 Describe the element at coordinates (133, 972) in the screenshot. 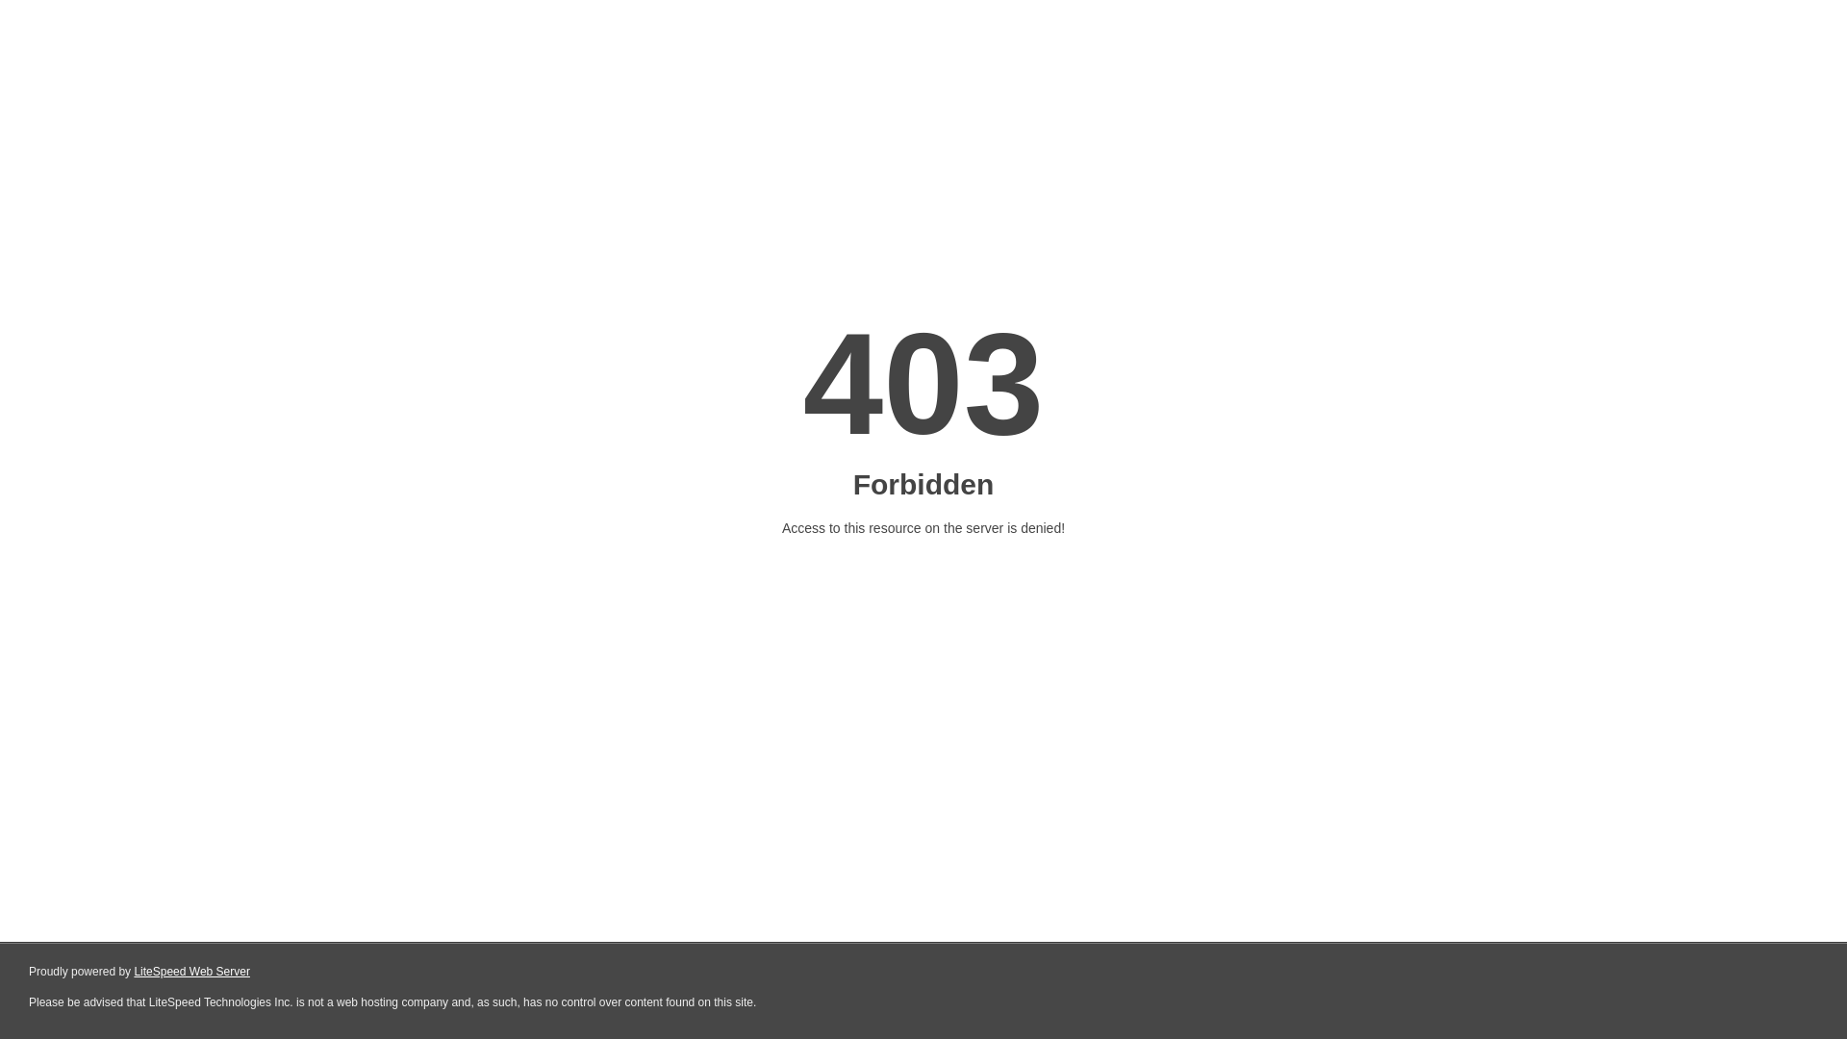

I see `'LiteSpeed Web Server'` at that location.